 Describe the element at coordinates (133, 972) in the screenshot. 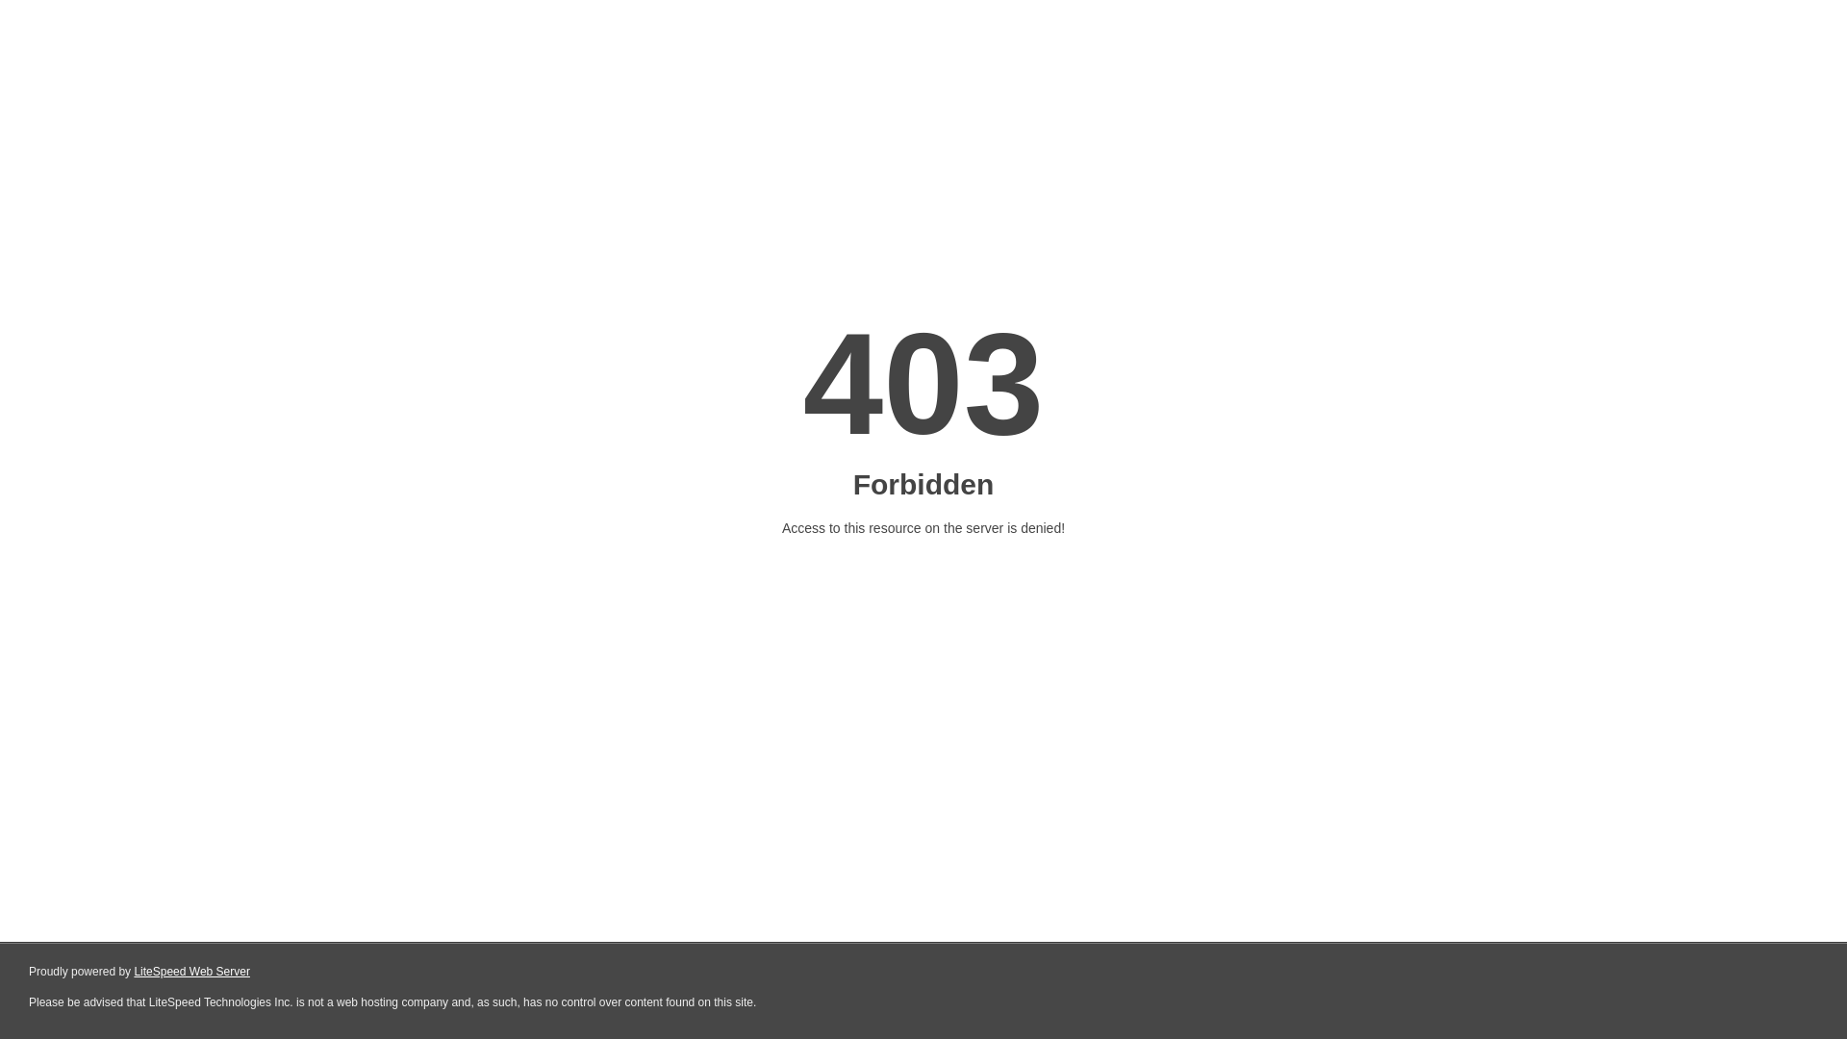

I see `'LiteSpeed Web Server'` at that location.